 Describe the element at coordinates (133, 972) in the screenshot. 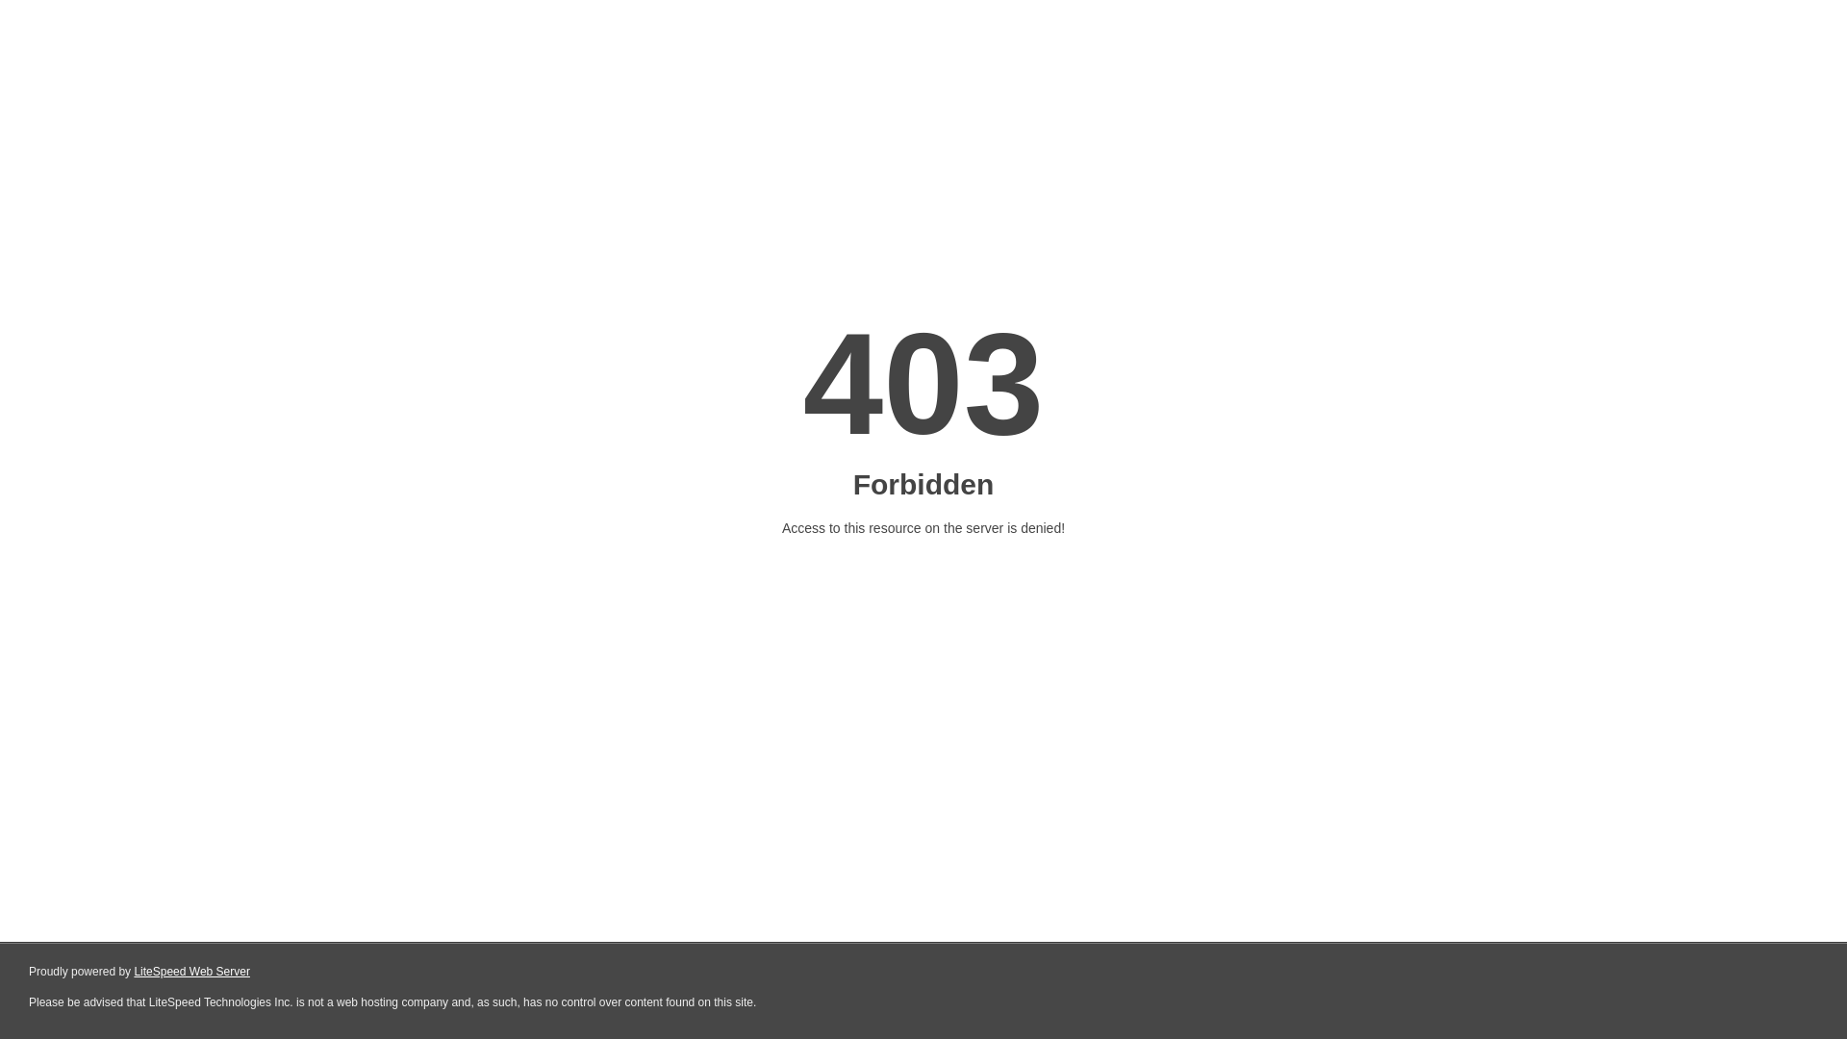

I see `'LiteSpeed Web Server'` at that location.